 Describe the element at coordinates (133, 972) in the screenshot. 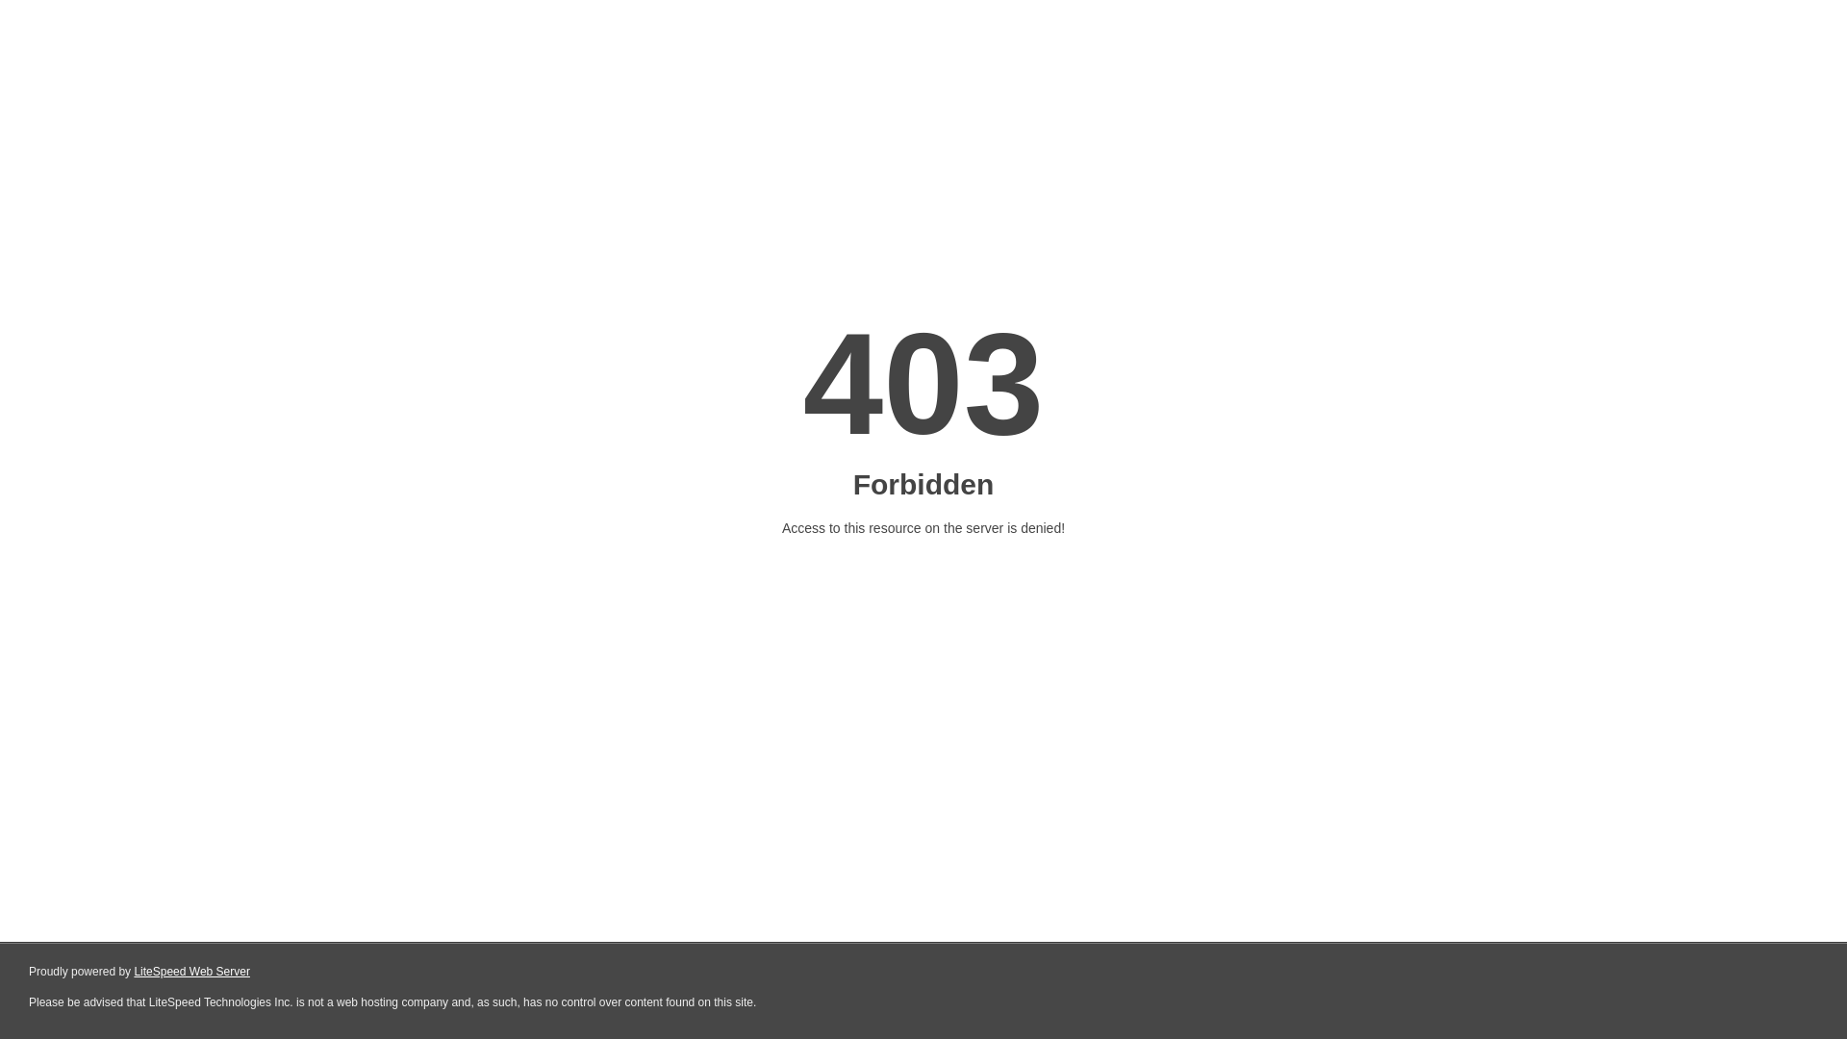

I see `'LiteSpeed Web Server'` at that location.